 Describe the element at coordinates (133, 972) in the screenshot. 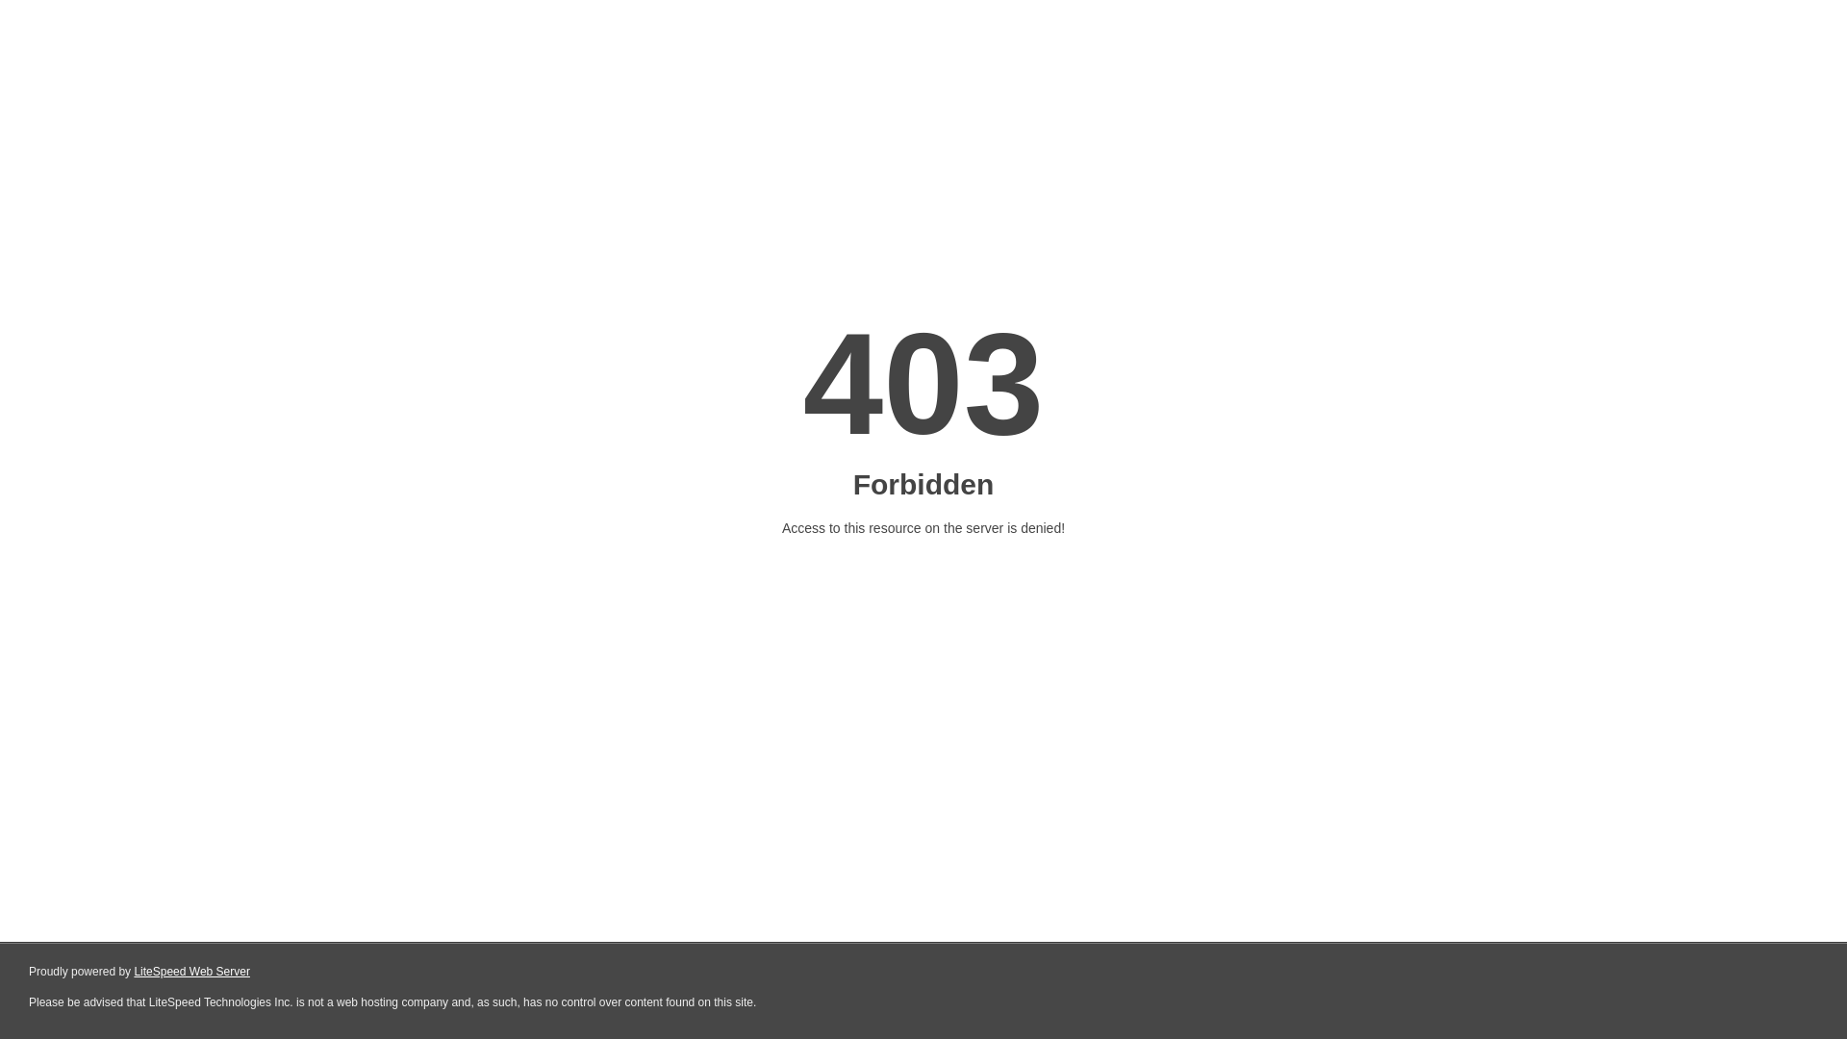

I see `'LiteSpeed Web Server'` at that location.